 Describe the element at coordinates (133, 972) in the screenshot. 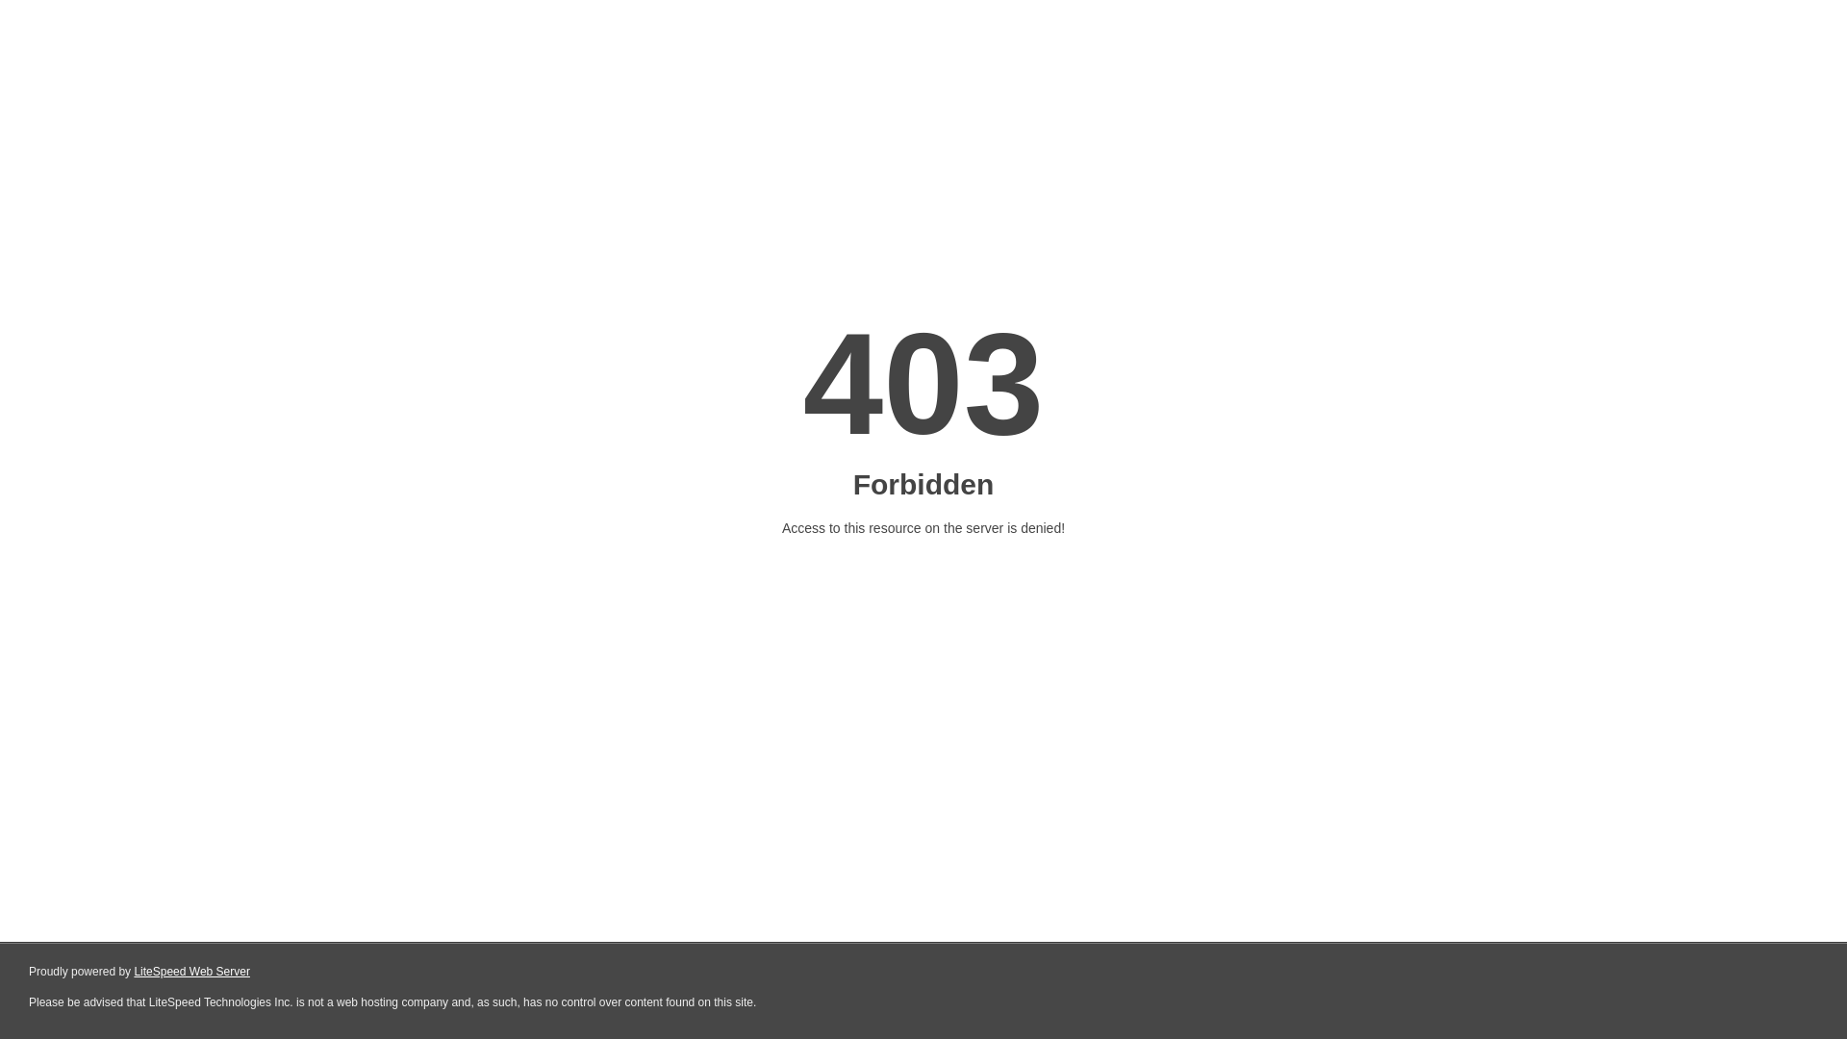

I see `'LiteSpeed Web Server'` at that location.